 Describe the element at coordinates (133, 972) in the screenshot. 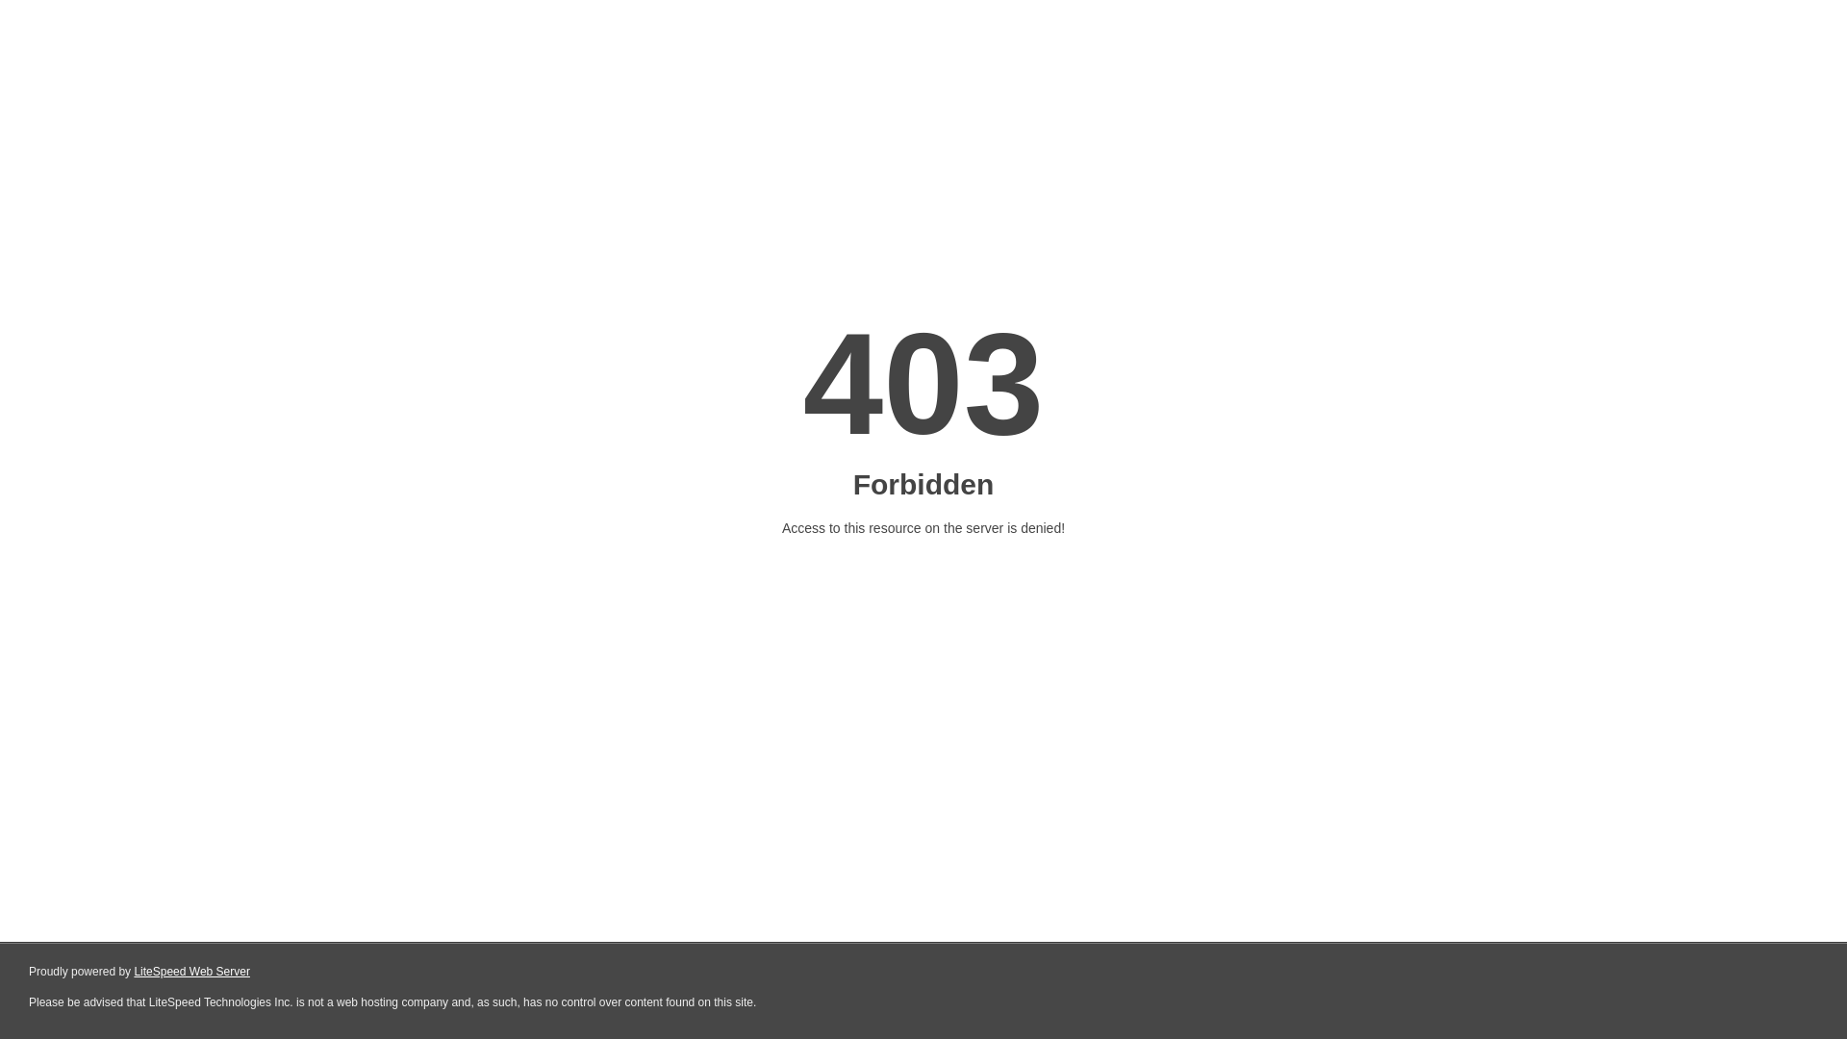

I see `'LiteSpeed Web Server'` at that location.